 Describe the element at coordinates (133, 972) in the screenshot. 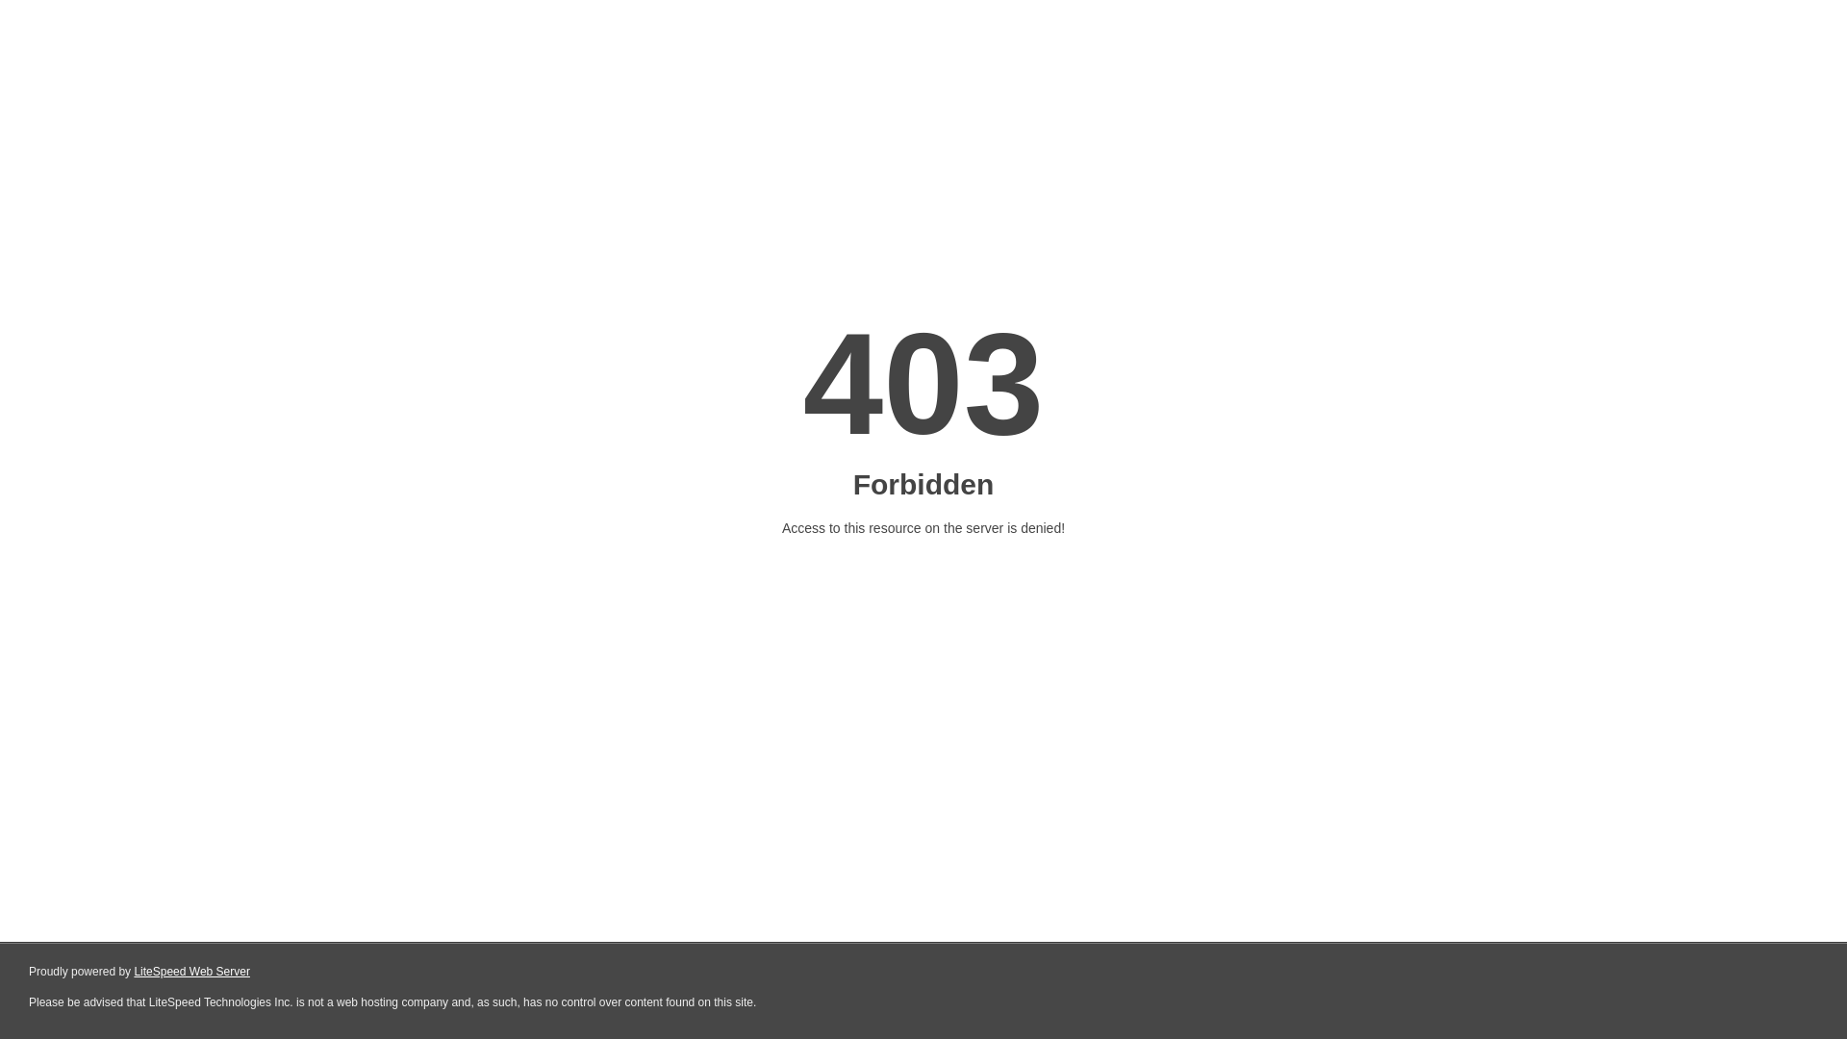

I see `'LiteSpeed Web Server'` at that location.